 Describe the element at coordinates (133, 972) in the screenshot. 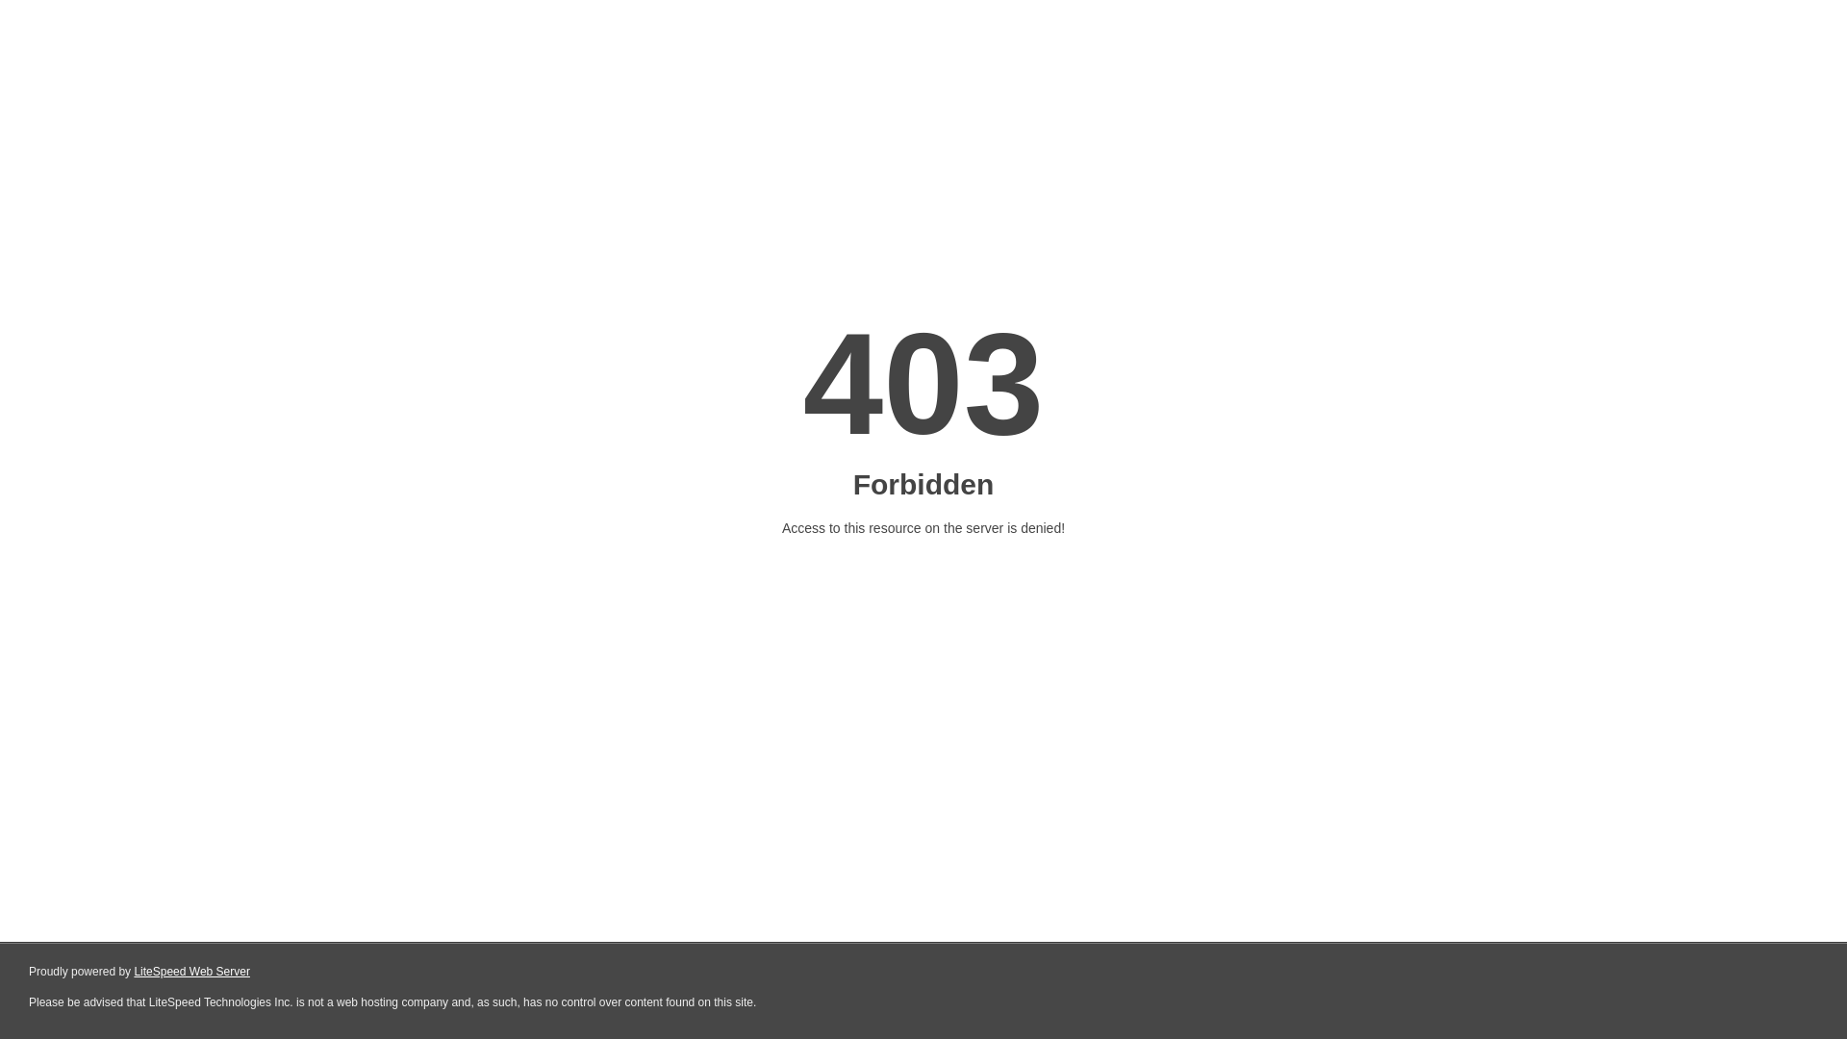

I see `'LiteSpeed Web Server'` at that location.